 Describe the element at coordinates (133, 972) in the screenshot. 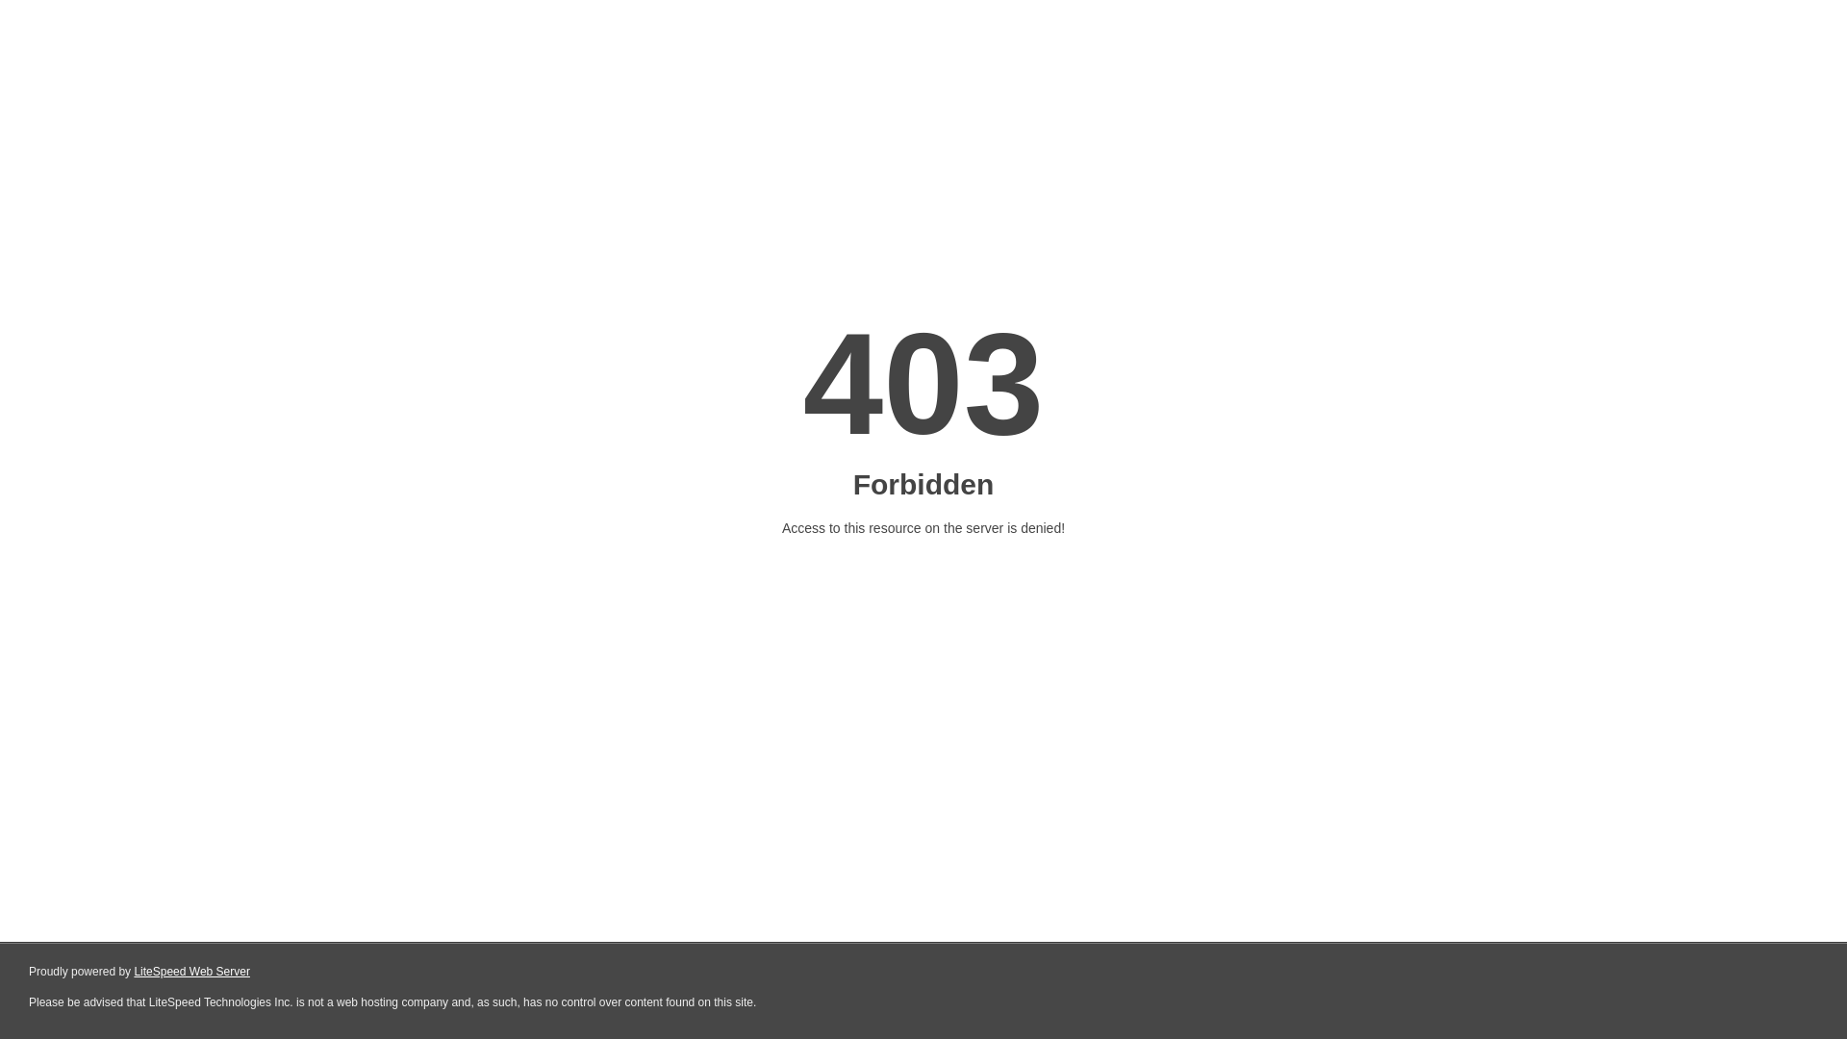

I see `'LiteSpeed Web Server'` at that location.